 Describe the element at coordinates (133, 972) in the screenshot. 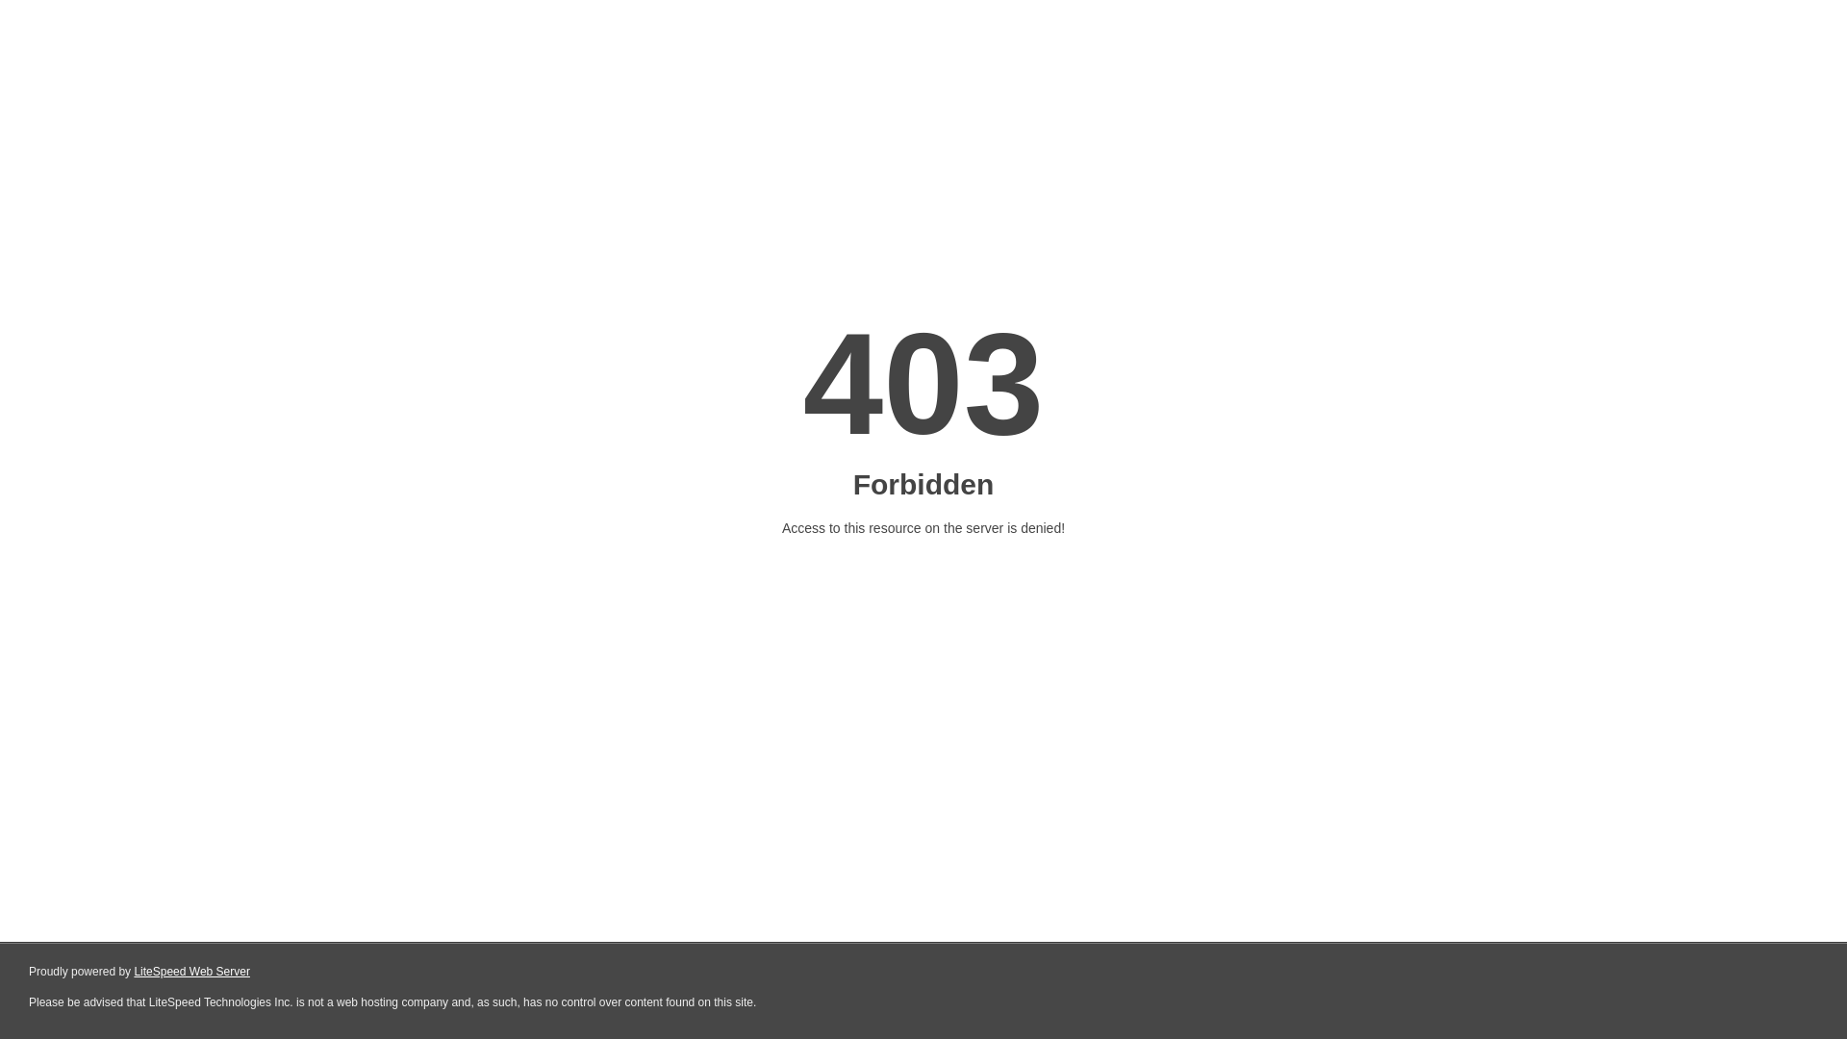

I see `'LiteSpeed Web Server'` at that location.